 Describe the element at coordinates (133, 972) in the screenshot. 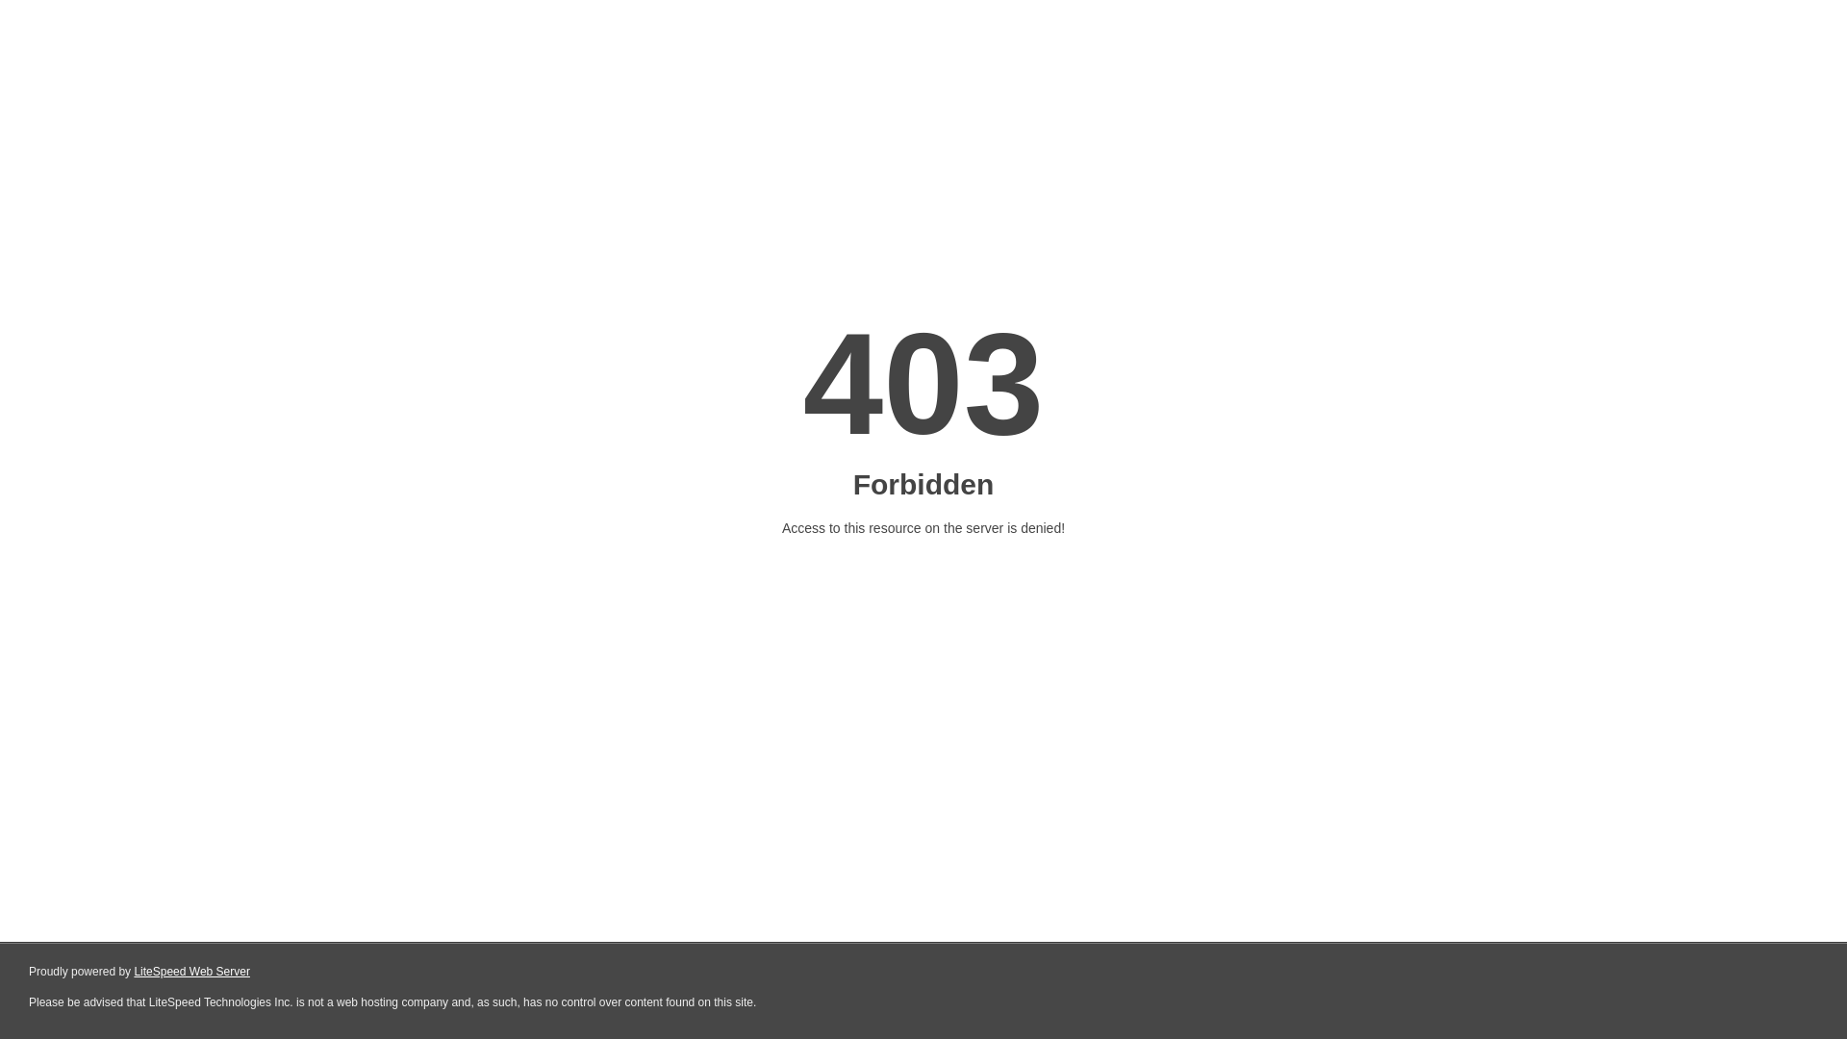

I see `'LiteSpeed Web Server'` at that location.